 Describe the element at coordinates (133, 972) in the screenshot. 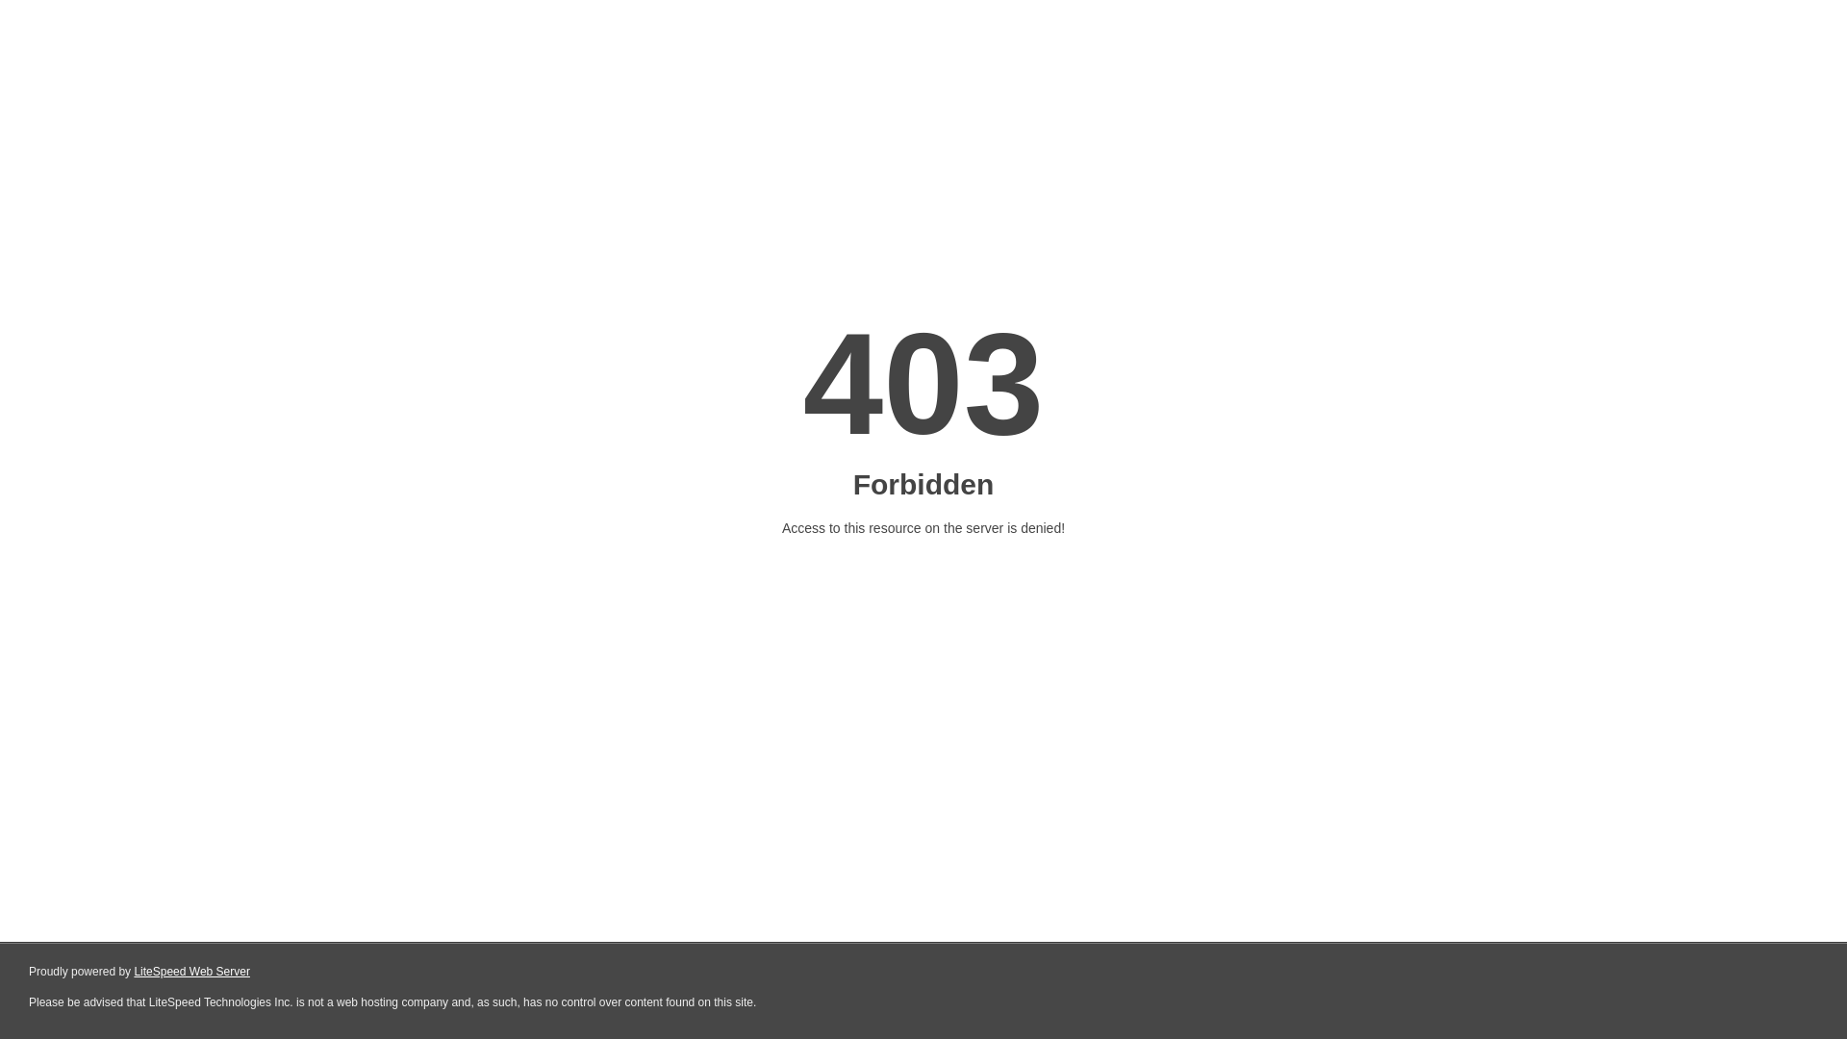

I see `'LiteSpeed Web Server'` at that location.